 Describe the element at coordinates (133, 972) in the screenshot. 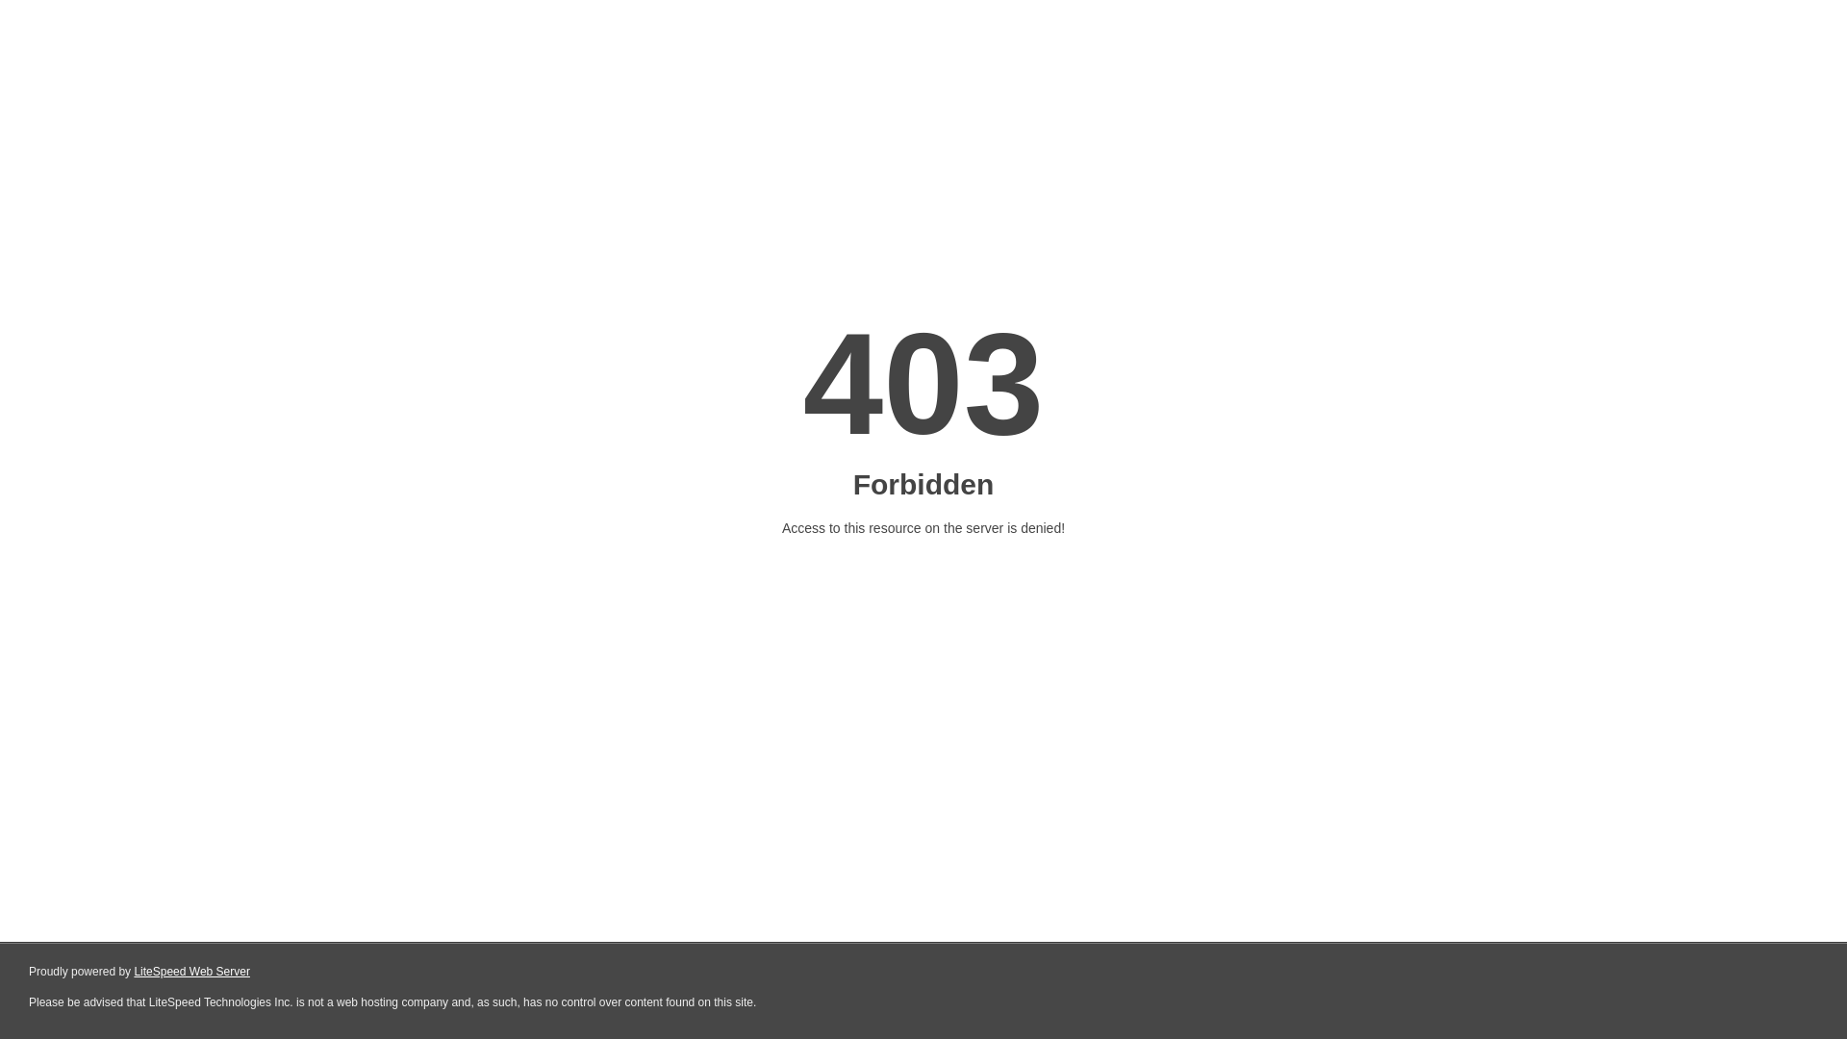

I see `'LiteSpeed Web Server'` at that location.